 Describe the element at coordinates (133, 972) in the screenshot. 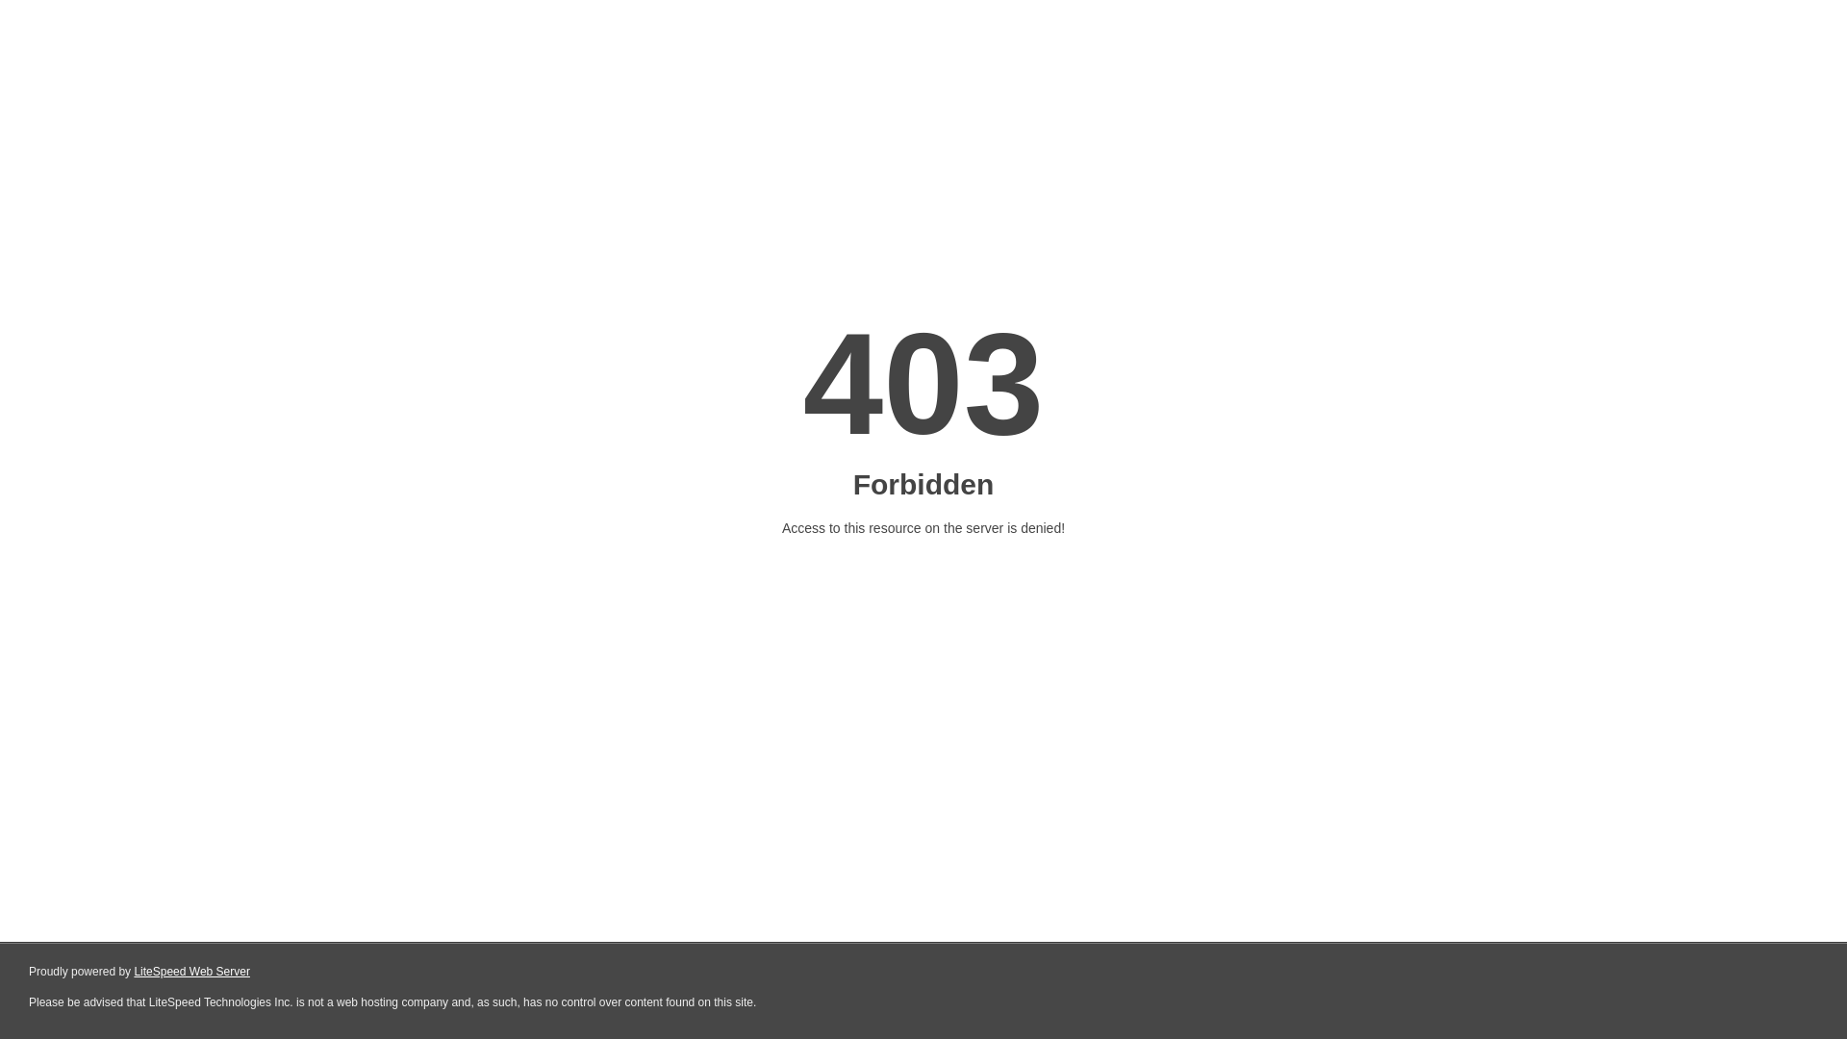

I see `'LiteSpeed Web Server'` at that location.